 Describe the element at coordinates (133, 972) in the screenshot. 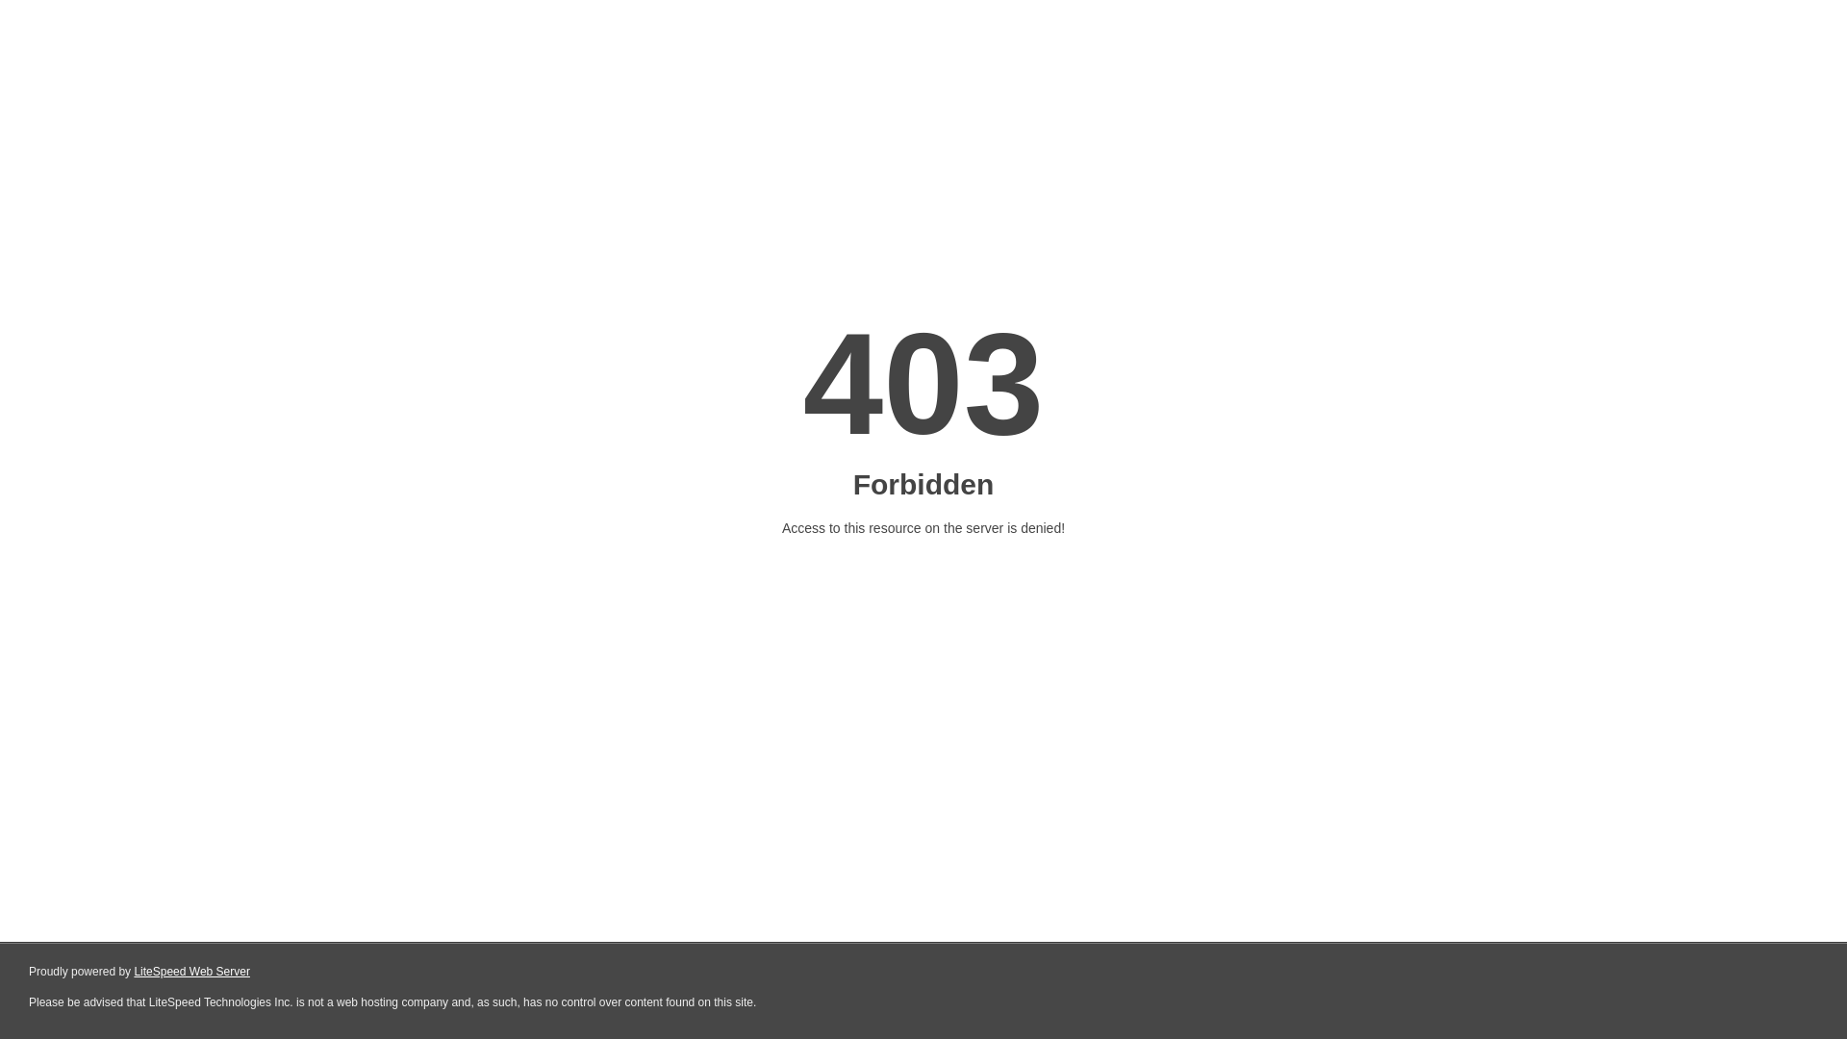

I see `'LiteSpeed Web Server'` at that location.